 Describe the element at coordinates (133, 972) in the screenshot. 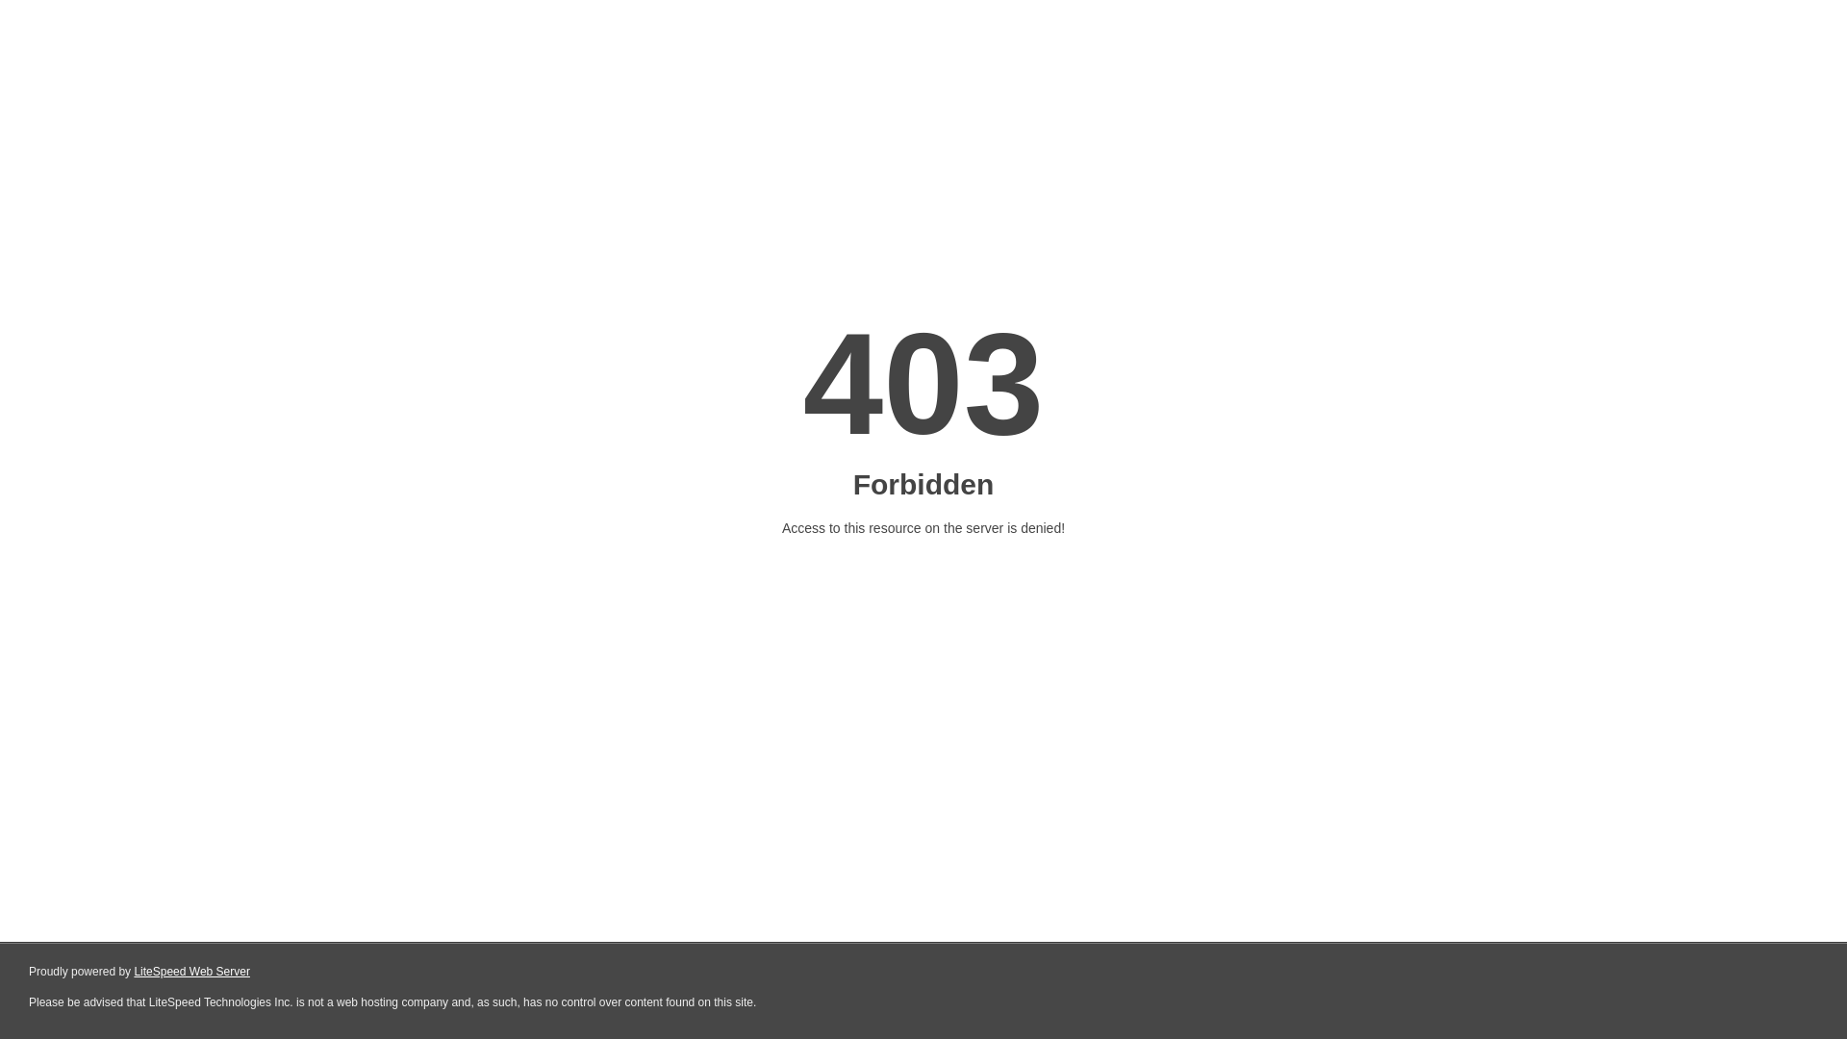

I see `'LiteSpeed Web Server'` at that location.